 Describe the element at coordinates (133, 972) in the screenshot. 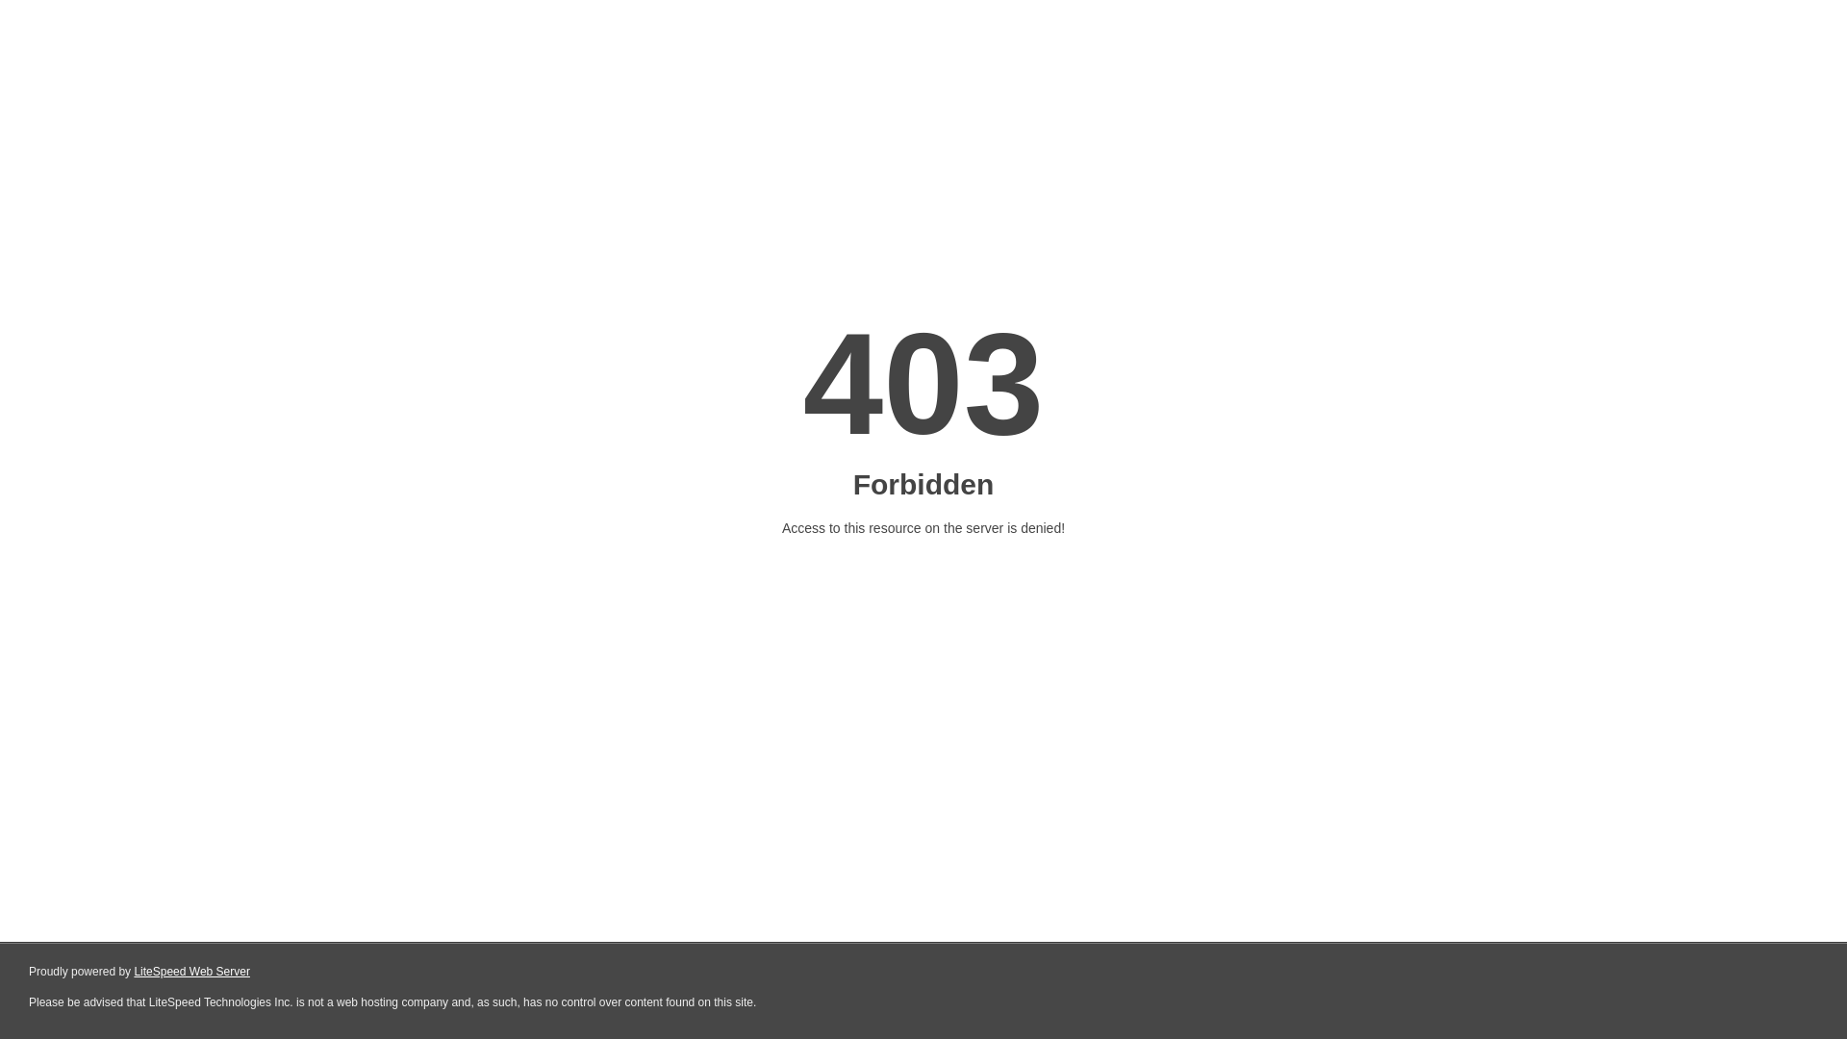

I see `'LiteSpeed Web Server'` at that location.